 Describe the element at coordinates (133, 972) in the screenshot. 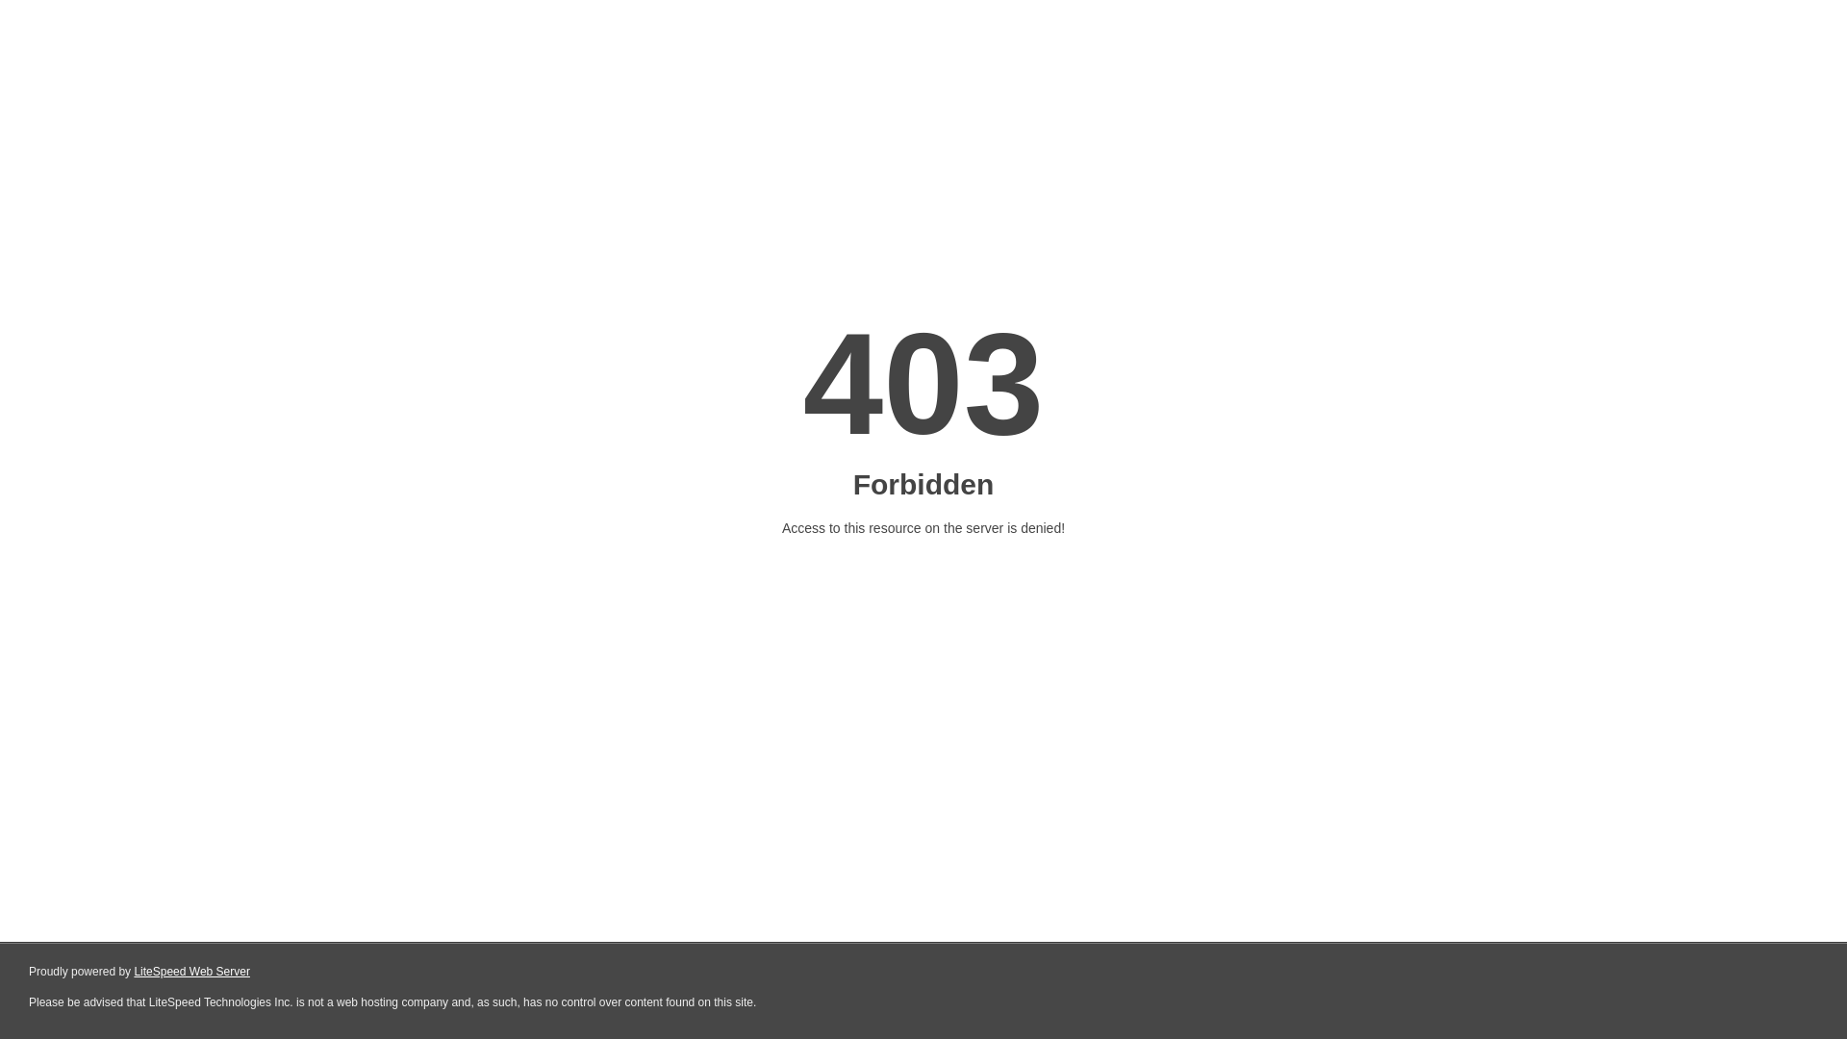

I see `'LiteSpeed Web Server'` at that location.